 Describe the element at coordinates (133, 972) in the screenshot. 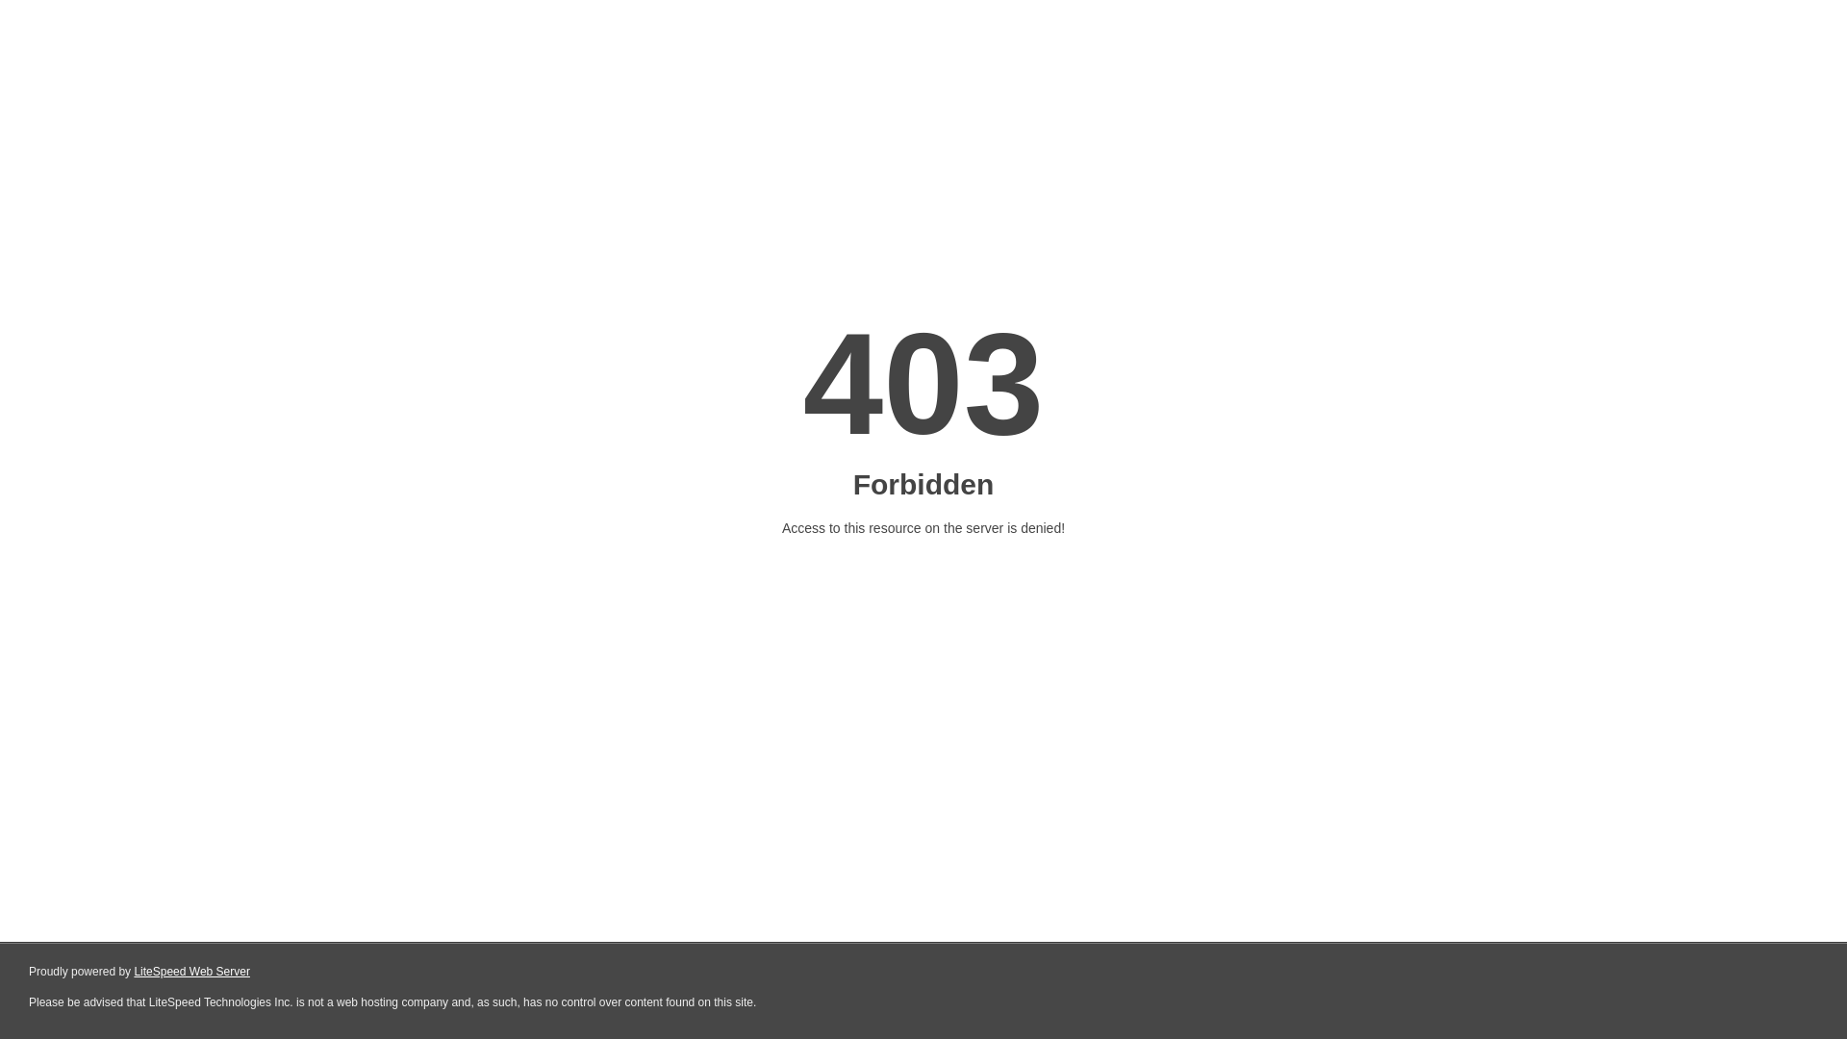

I see `'LiteSpeed Web Server'` at that location.